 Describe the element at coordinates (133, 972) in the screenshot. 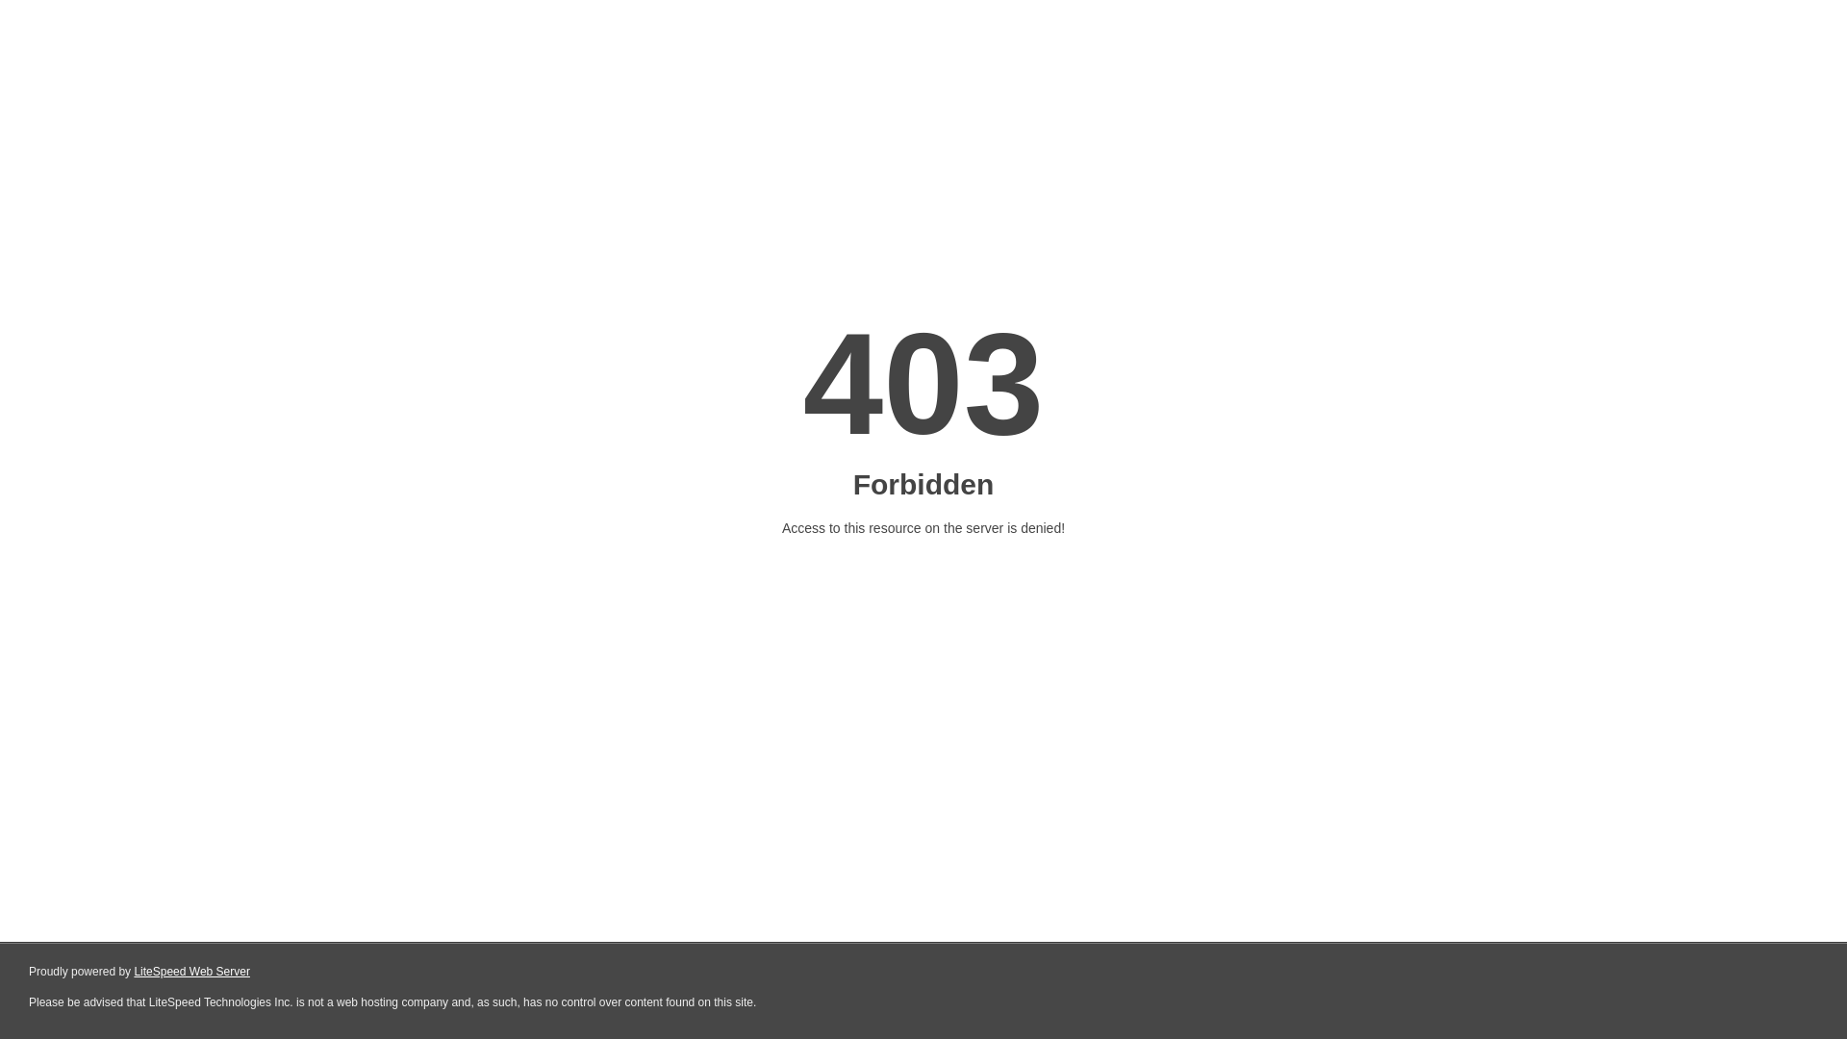

I see `'LiteSpeed Web Server'` at that location.